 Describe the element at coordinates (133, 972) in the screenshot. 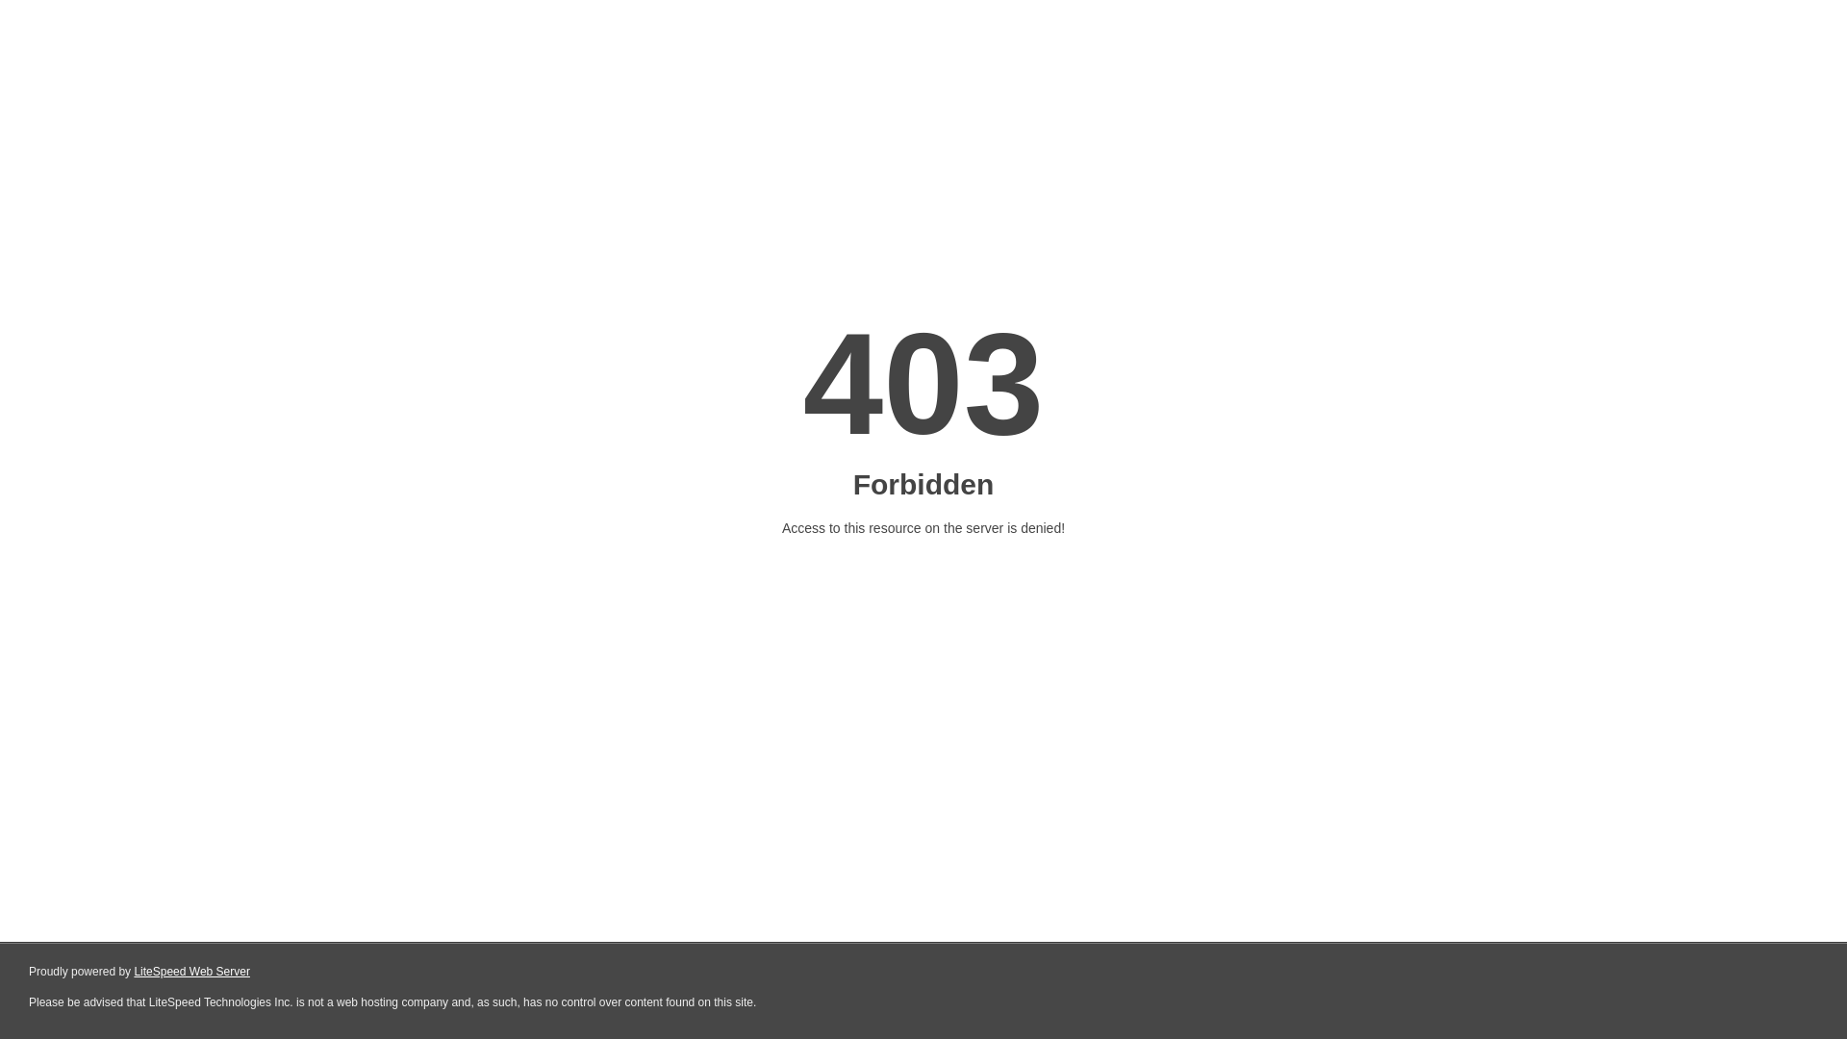

I see `'LiteSpeed Web Server'` at that location.